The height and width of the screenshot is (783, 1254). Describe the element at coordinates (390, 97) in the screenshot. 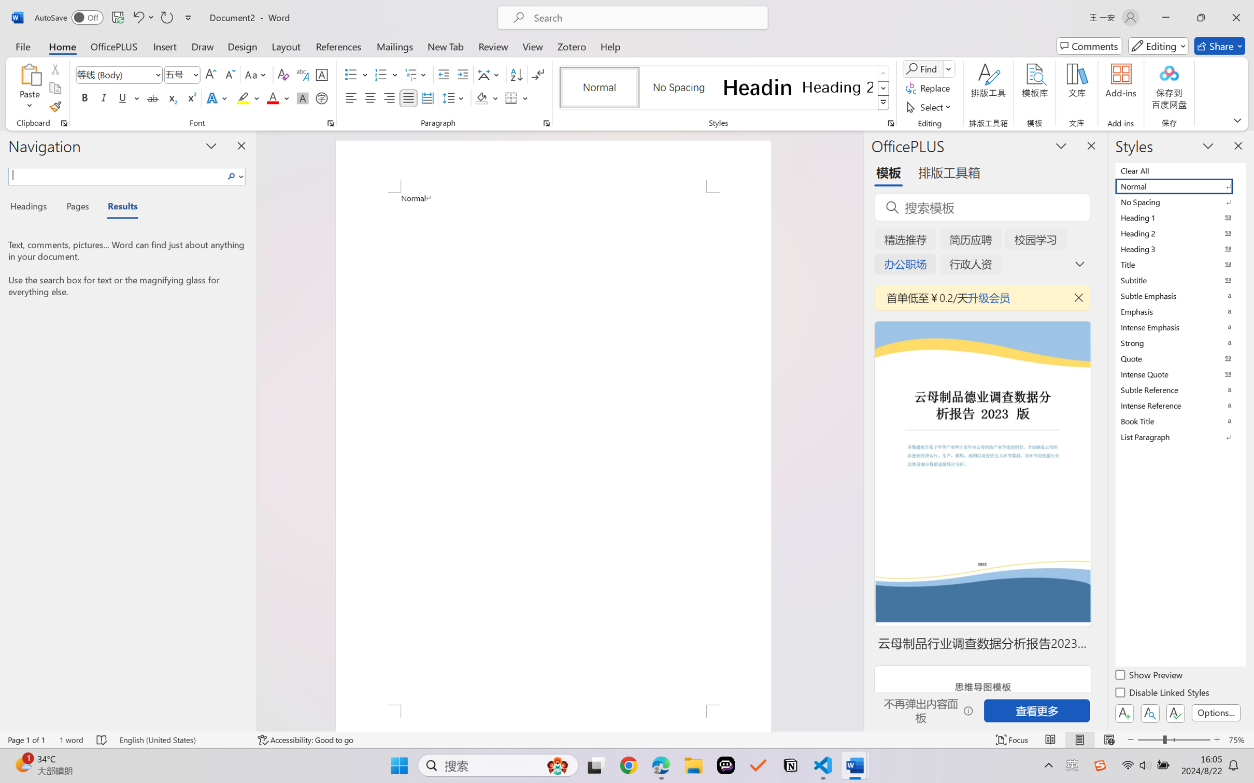

I see `'Align Right'` at that location.